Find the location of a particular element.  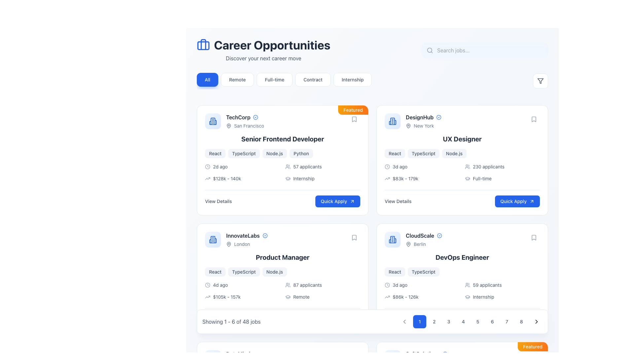

the text label representing the name of the company in the first job listing card, which is located in the header section before the verification icon is located at coordinates (238, 117).